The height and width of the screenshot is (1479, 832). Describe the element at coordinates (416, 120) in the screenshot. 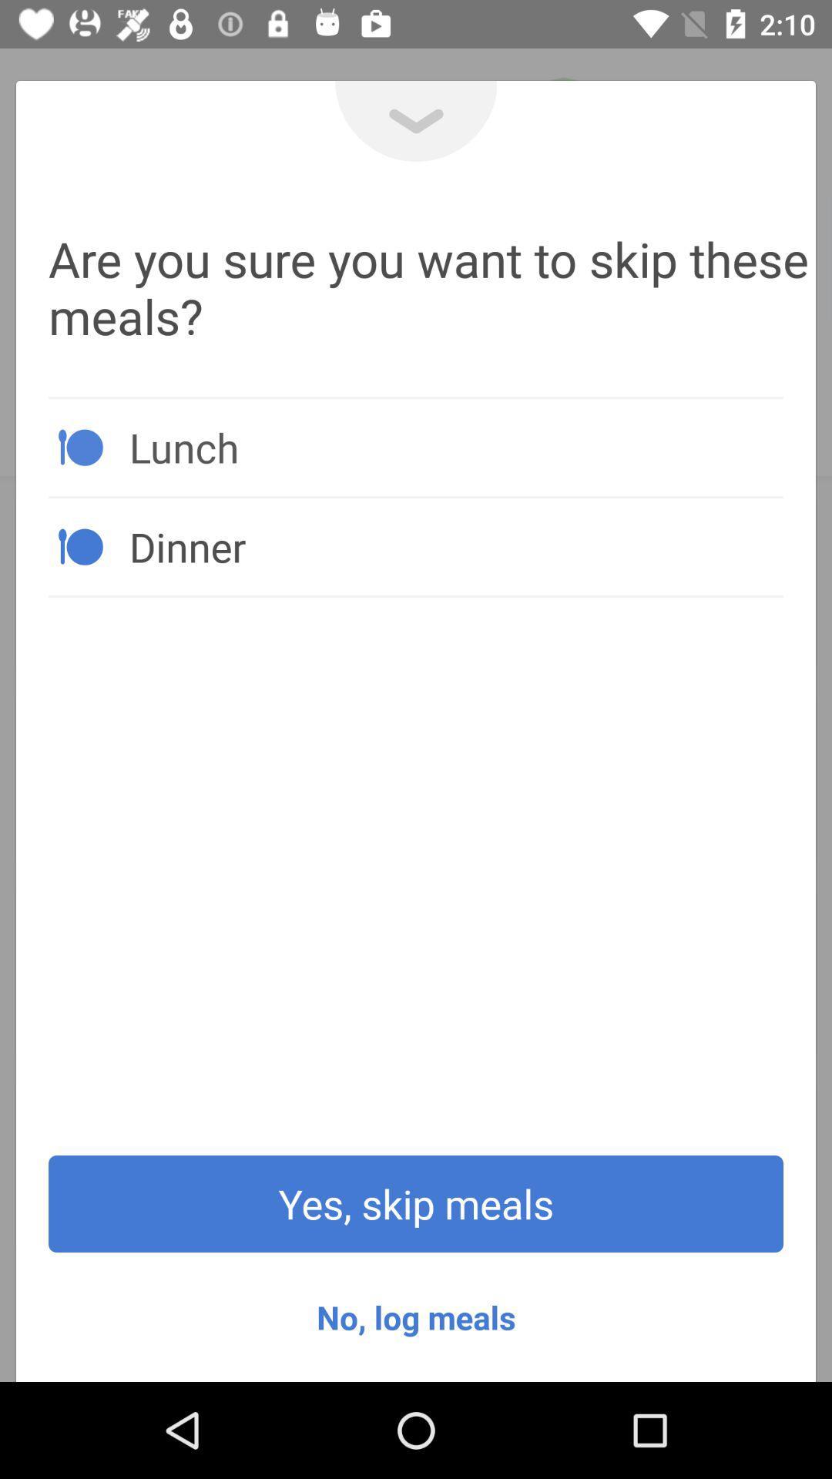

I see `the expand_more icon` at that location.